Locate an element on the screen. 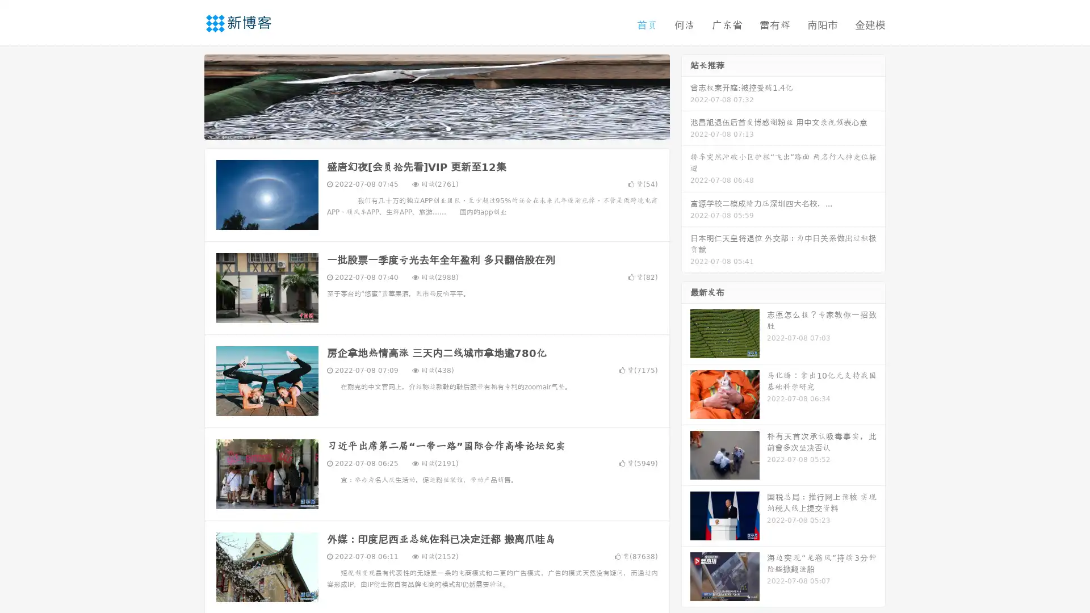 This screenshot has height=613, width=1090. Previous slide is located at coordinates (187, 95).